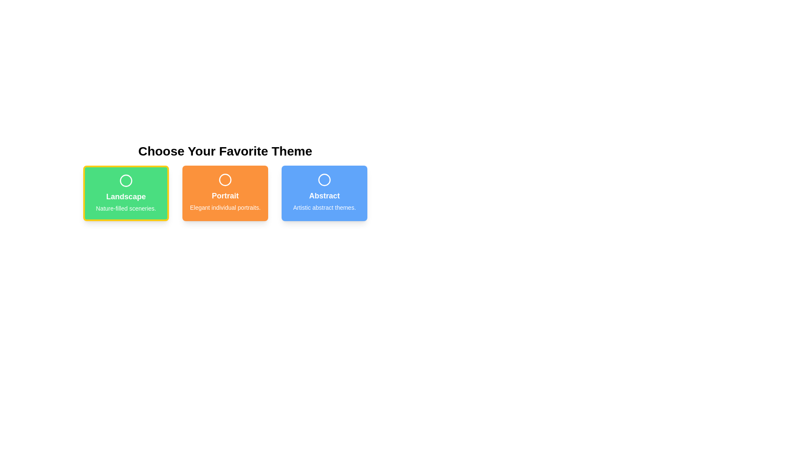  I want to click on descriptive text label providing information about the 'Landscape' theme, located at the center of the bottom section of the green card, so click(125, 208).